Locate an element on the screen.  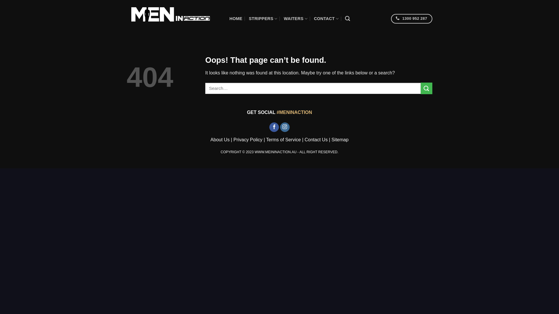
'HOME' is located at coordinates (236, 18).